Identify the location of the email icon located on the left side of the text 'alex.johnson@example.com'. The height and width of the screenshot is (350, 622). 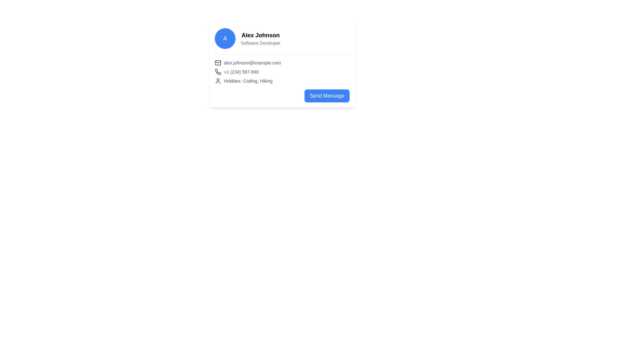
(218, 63).